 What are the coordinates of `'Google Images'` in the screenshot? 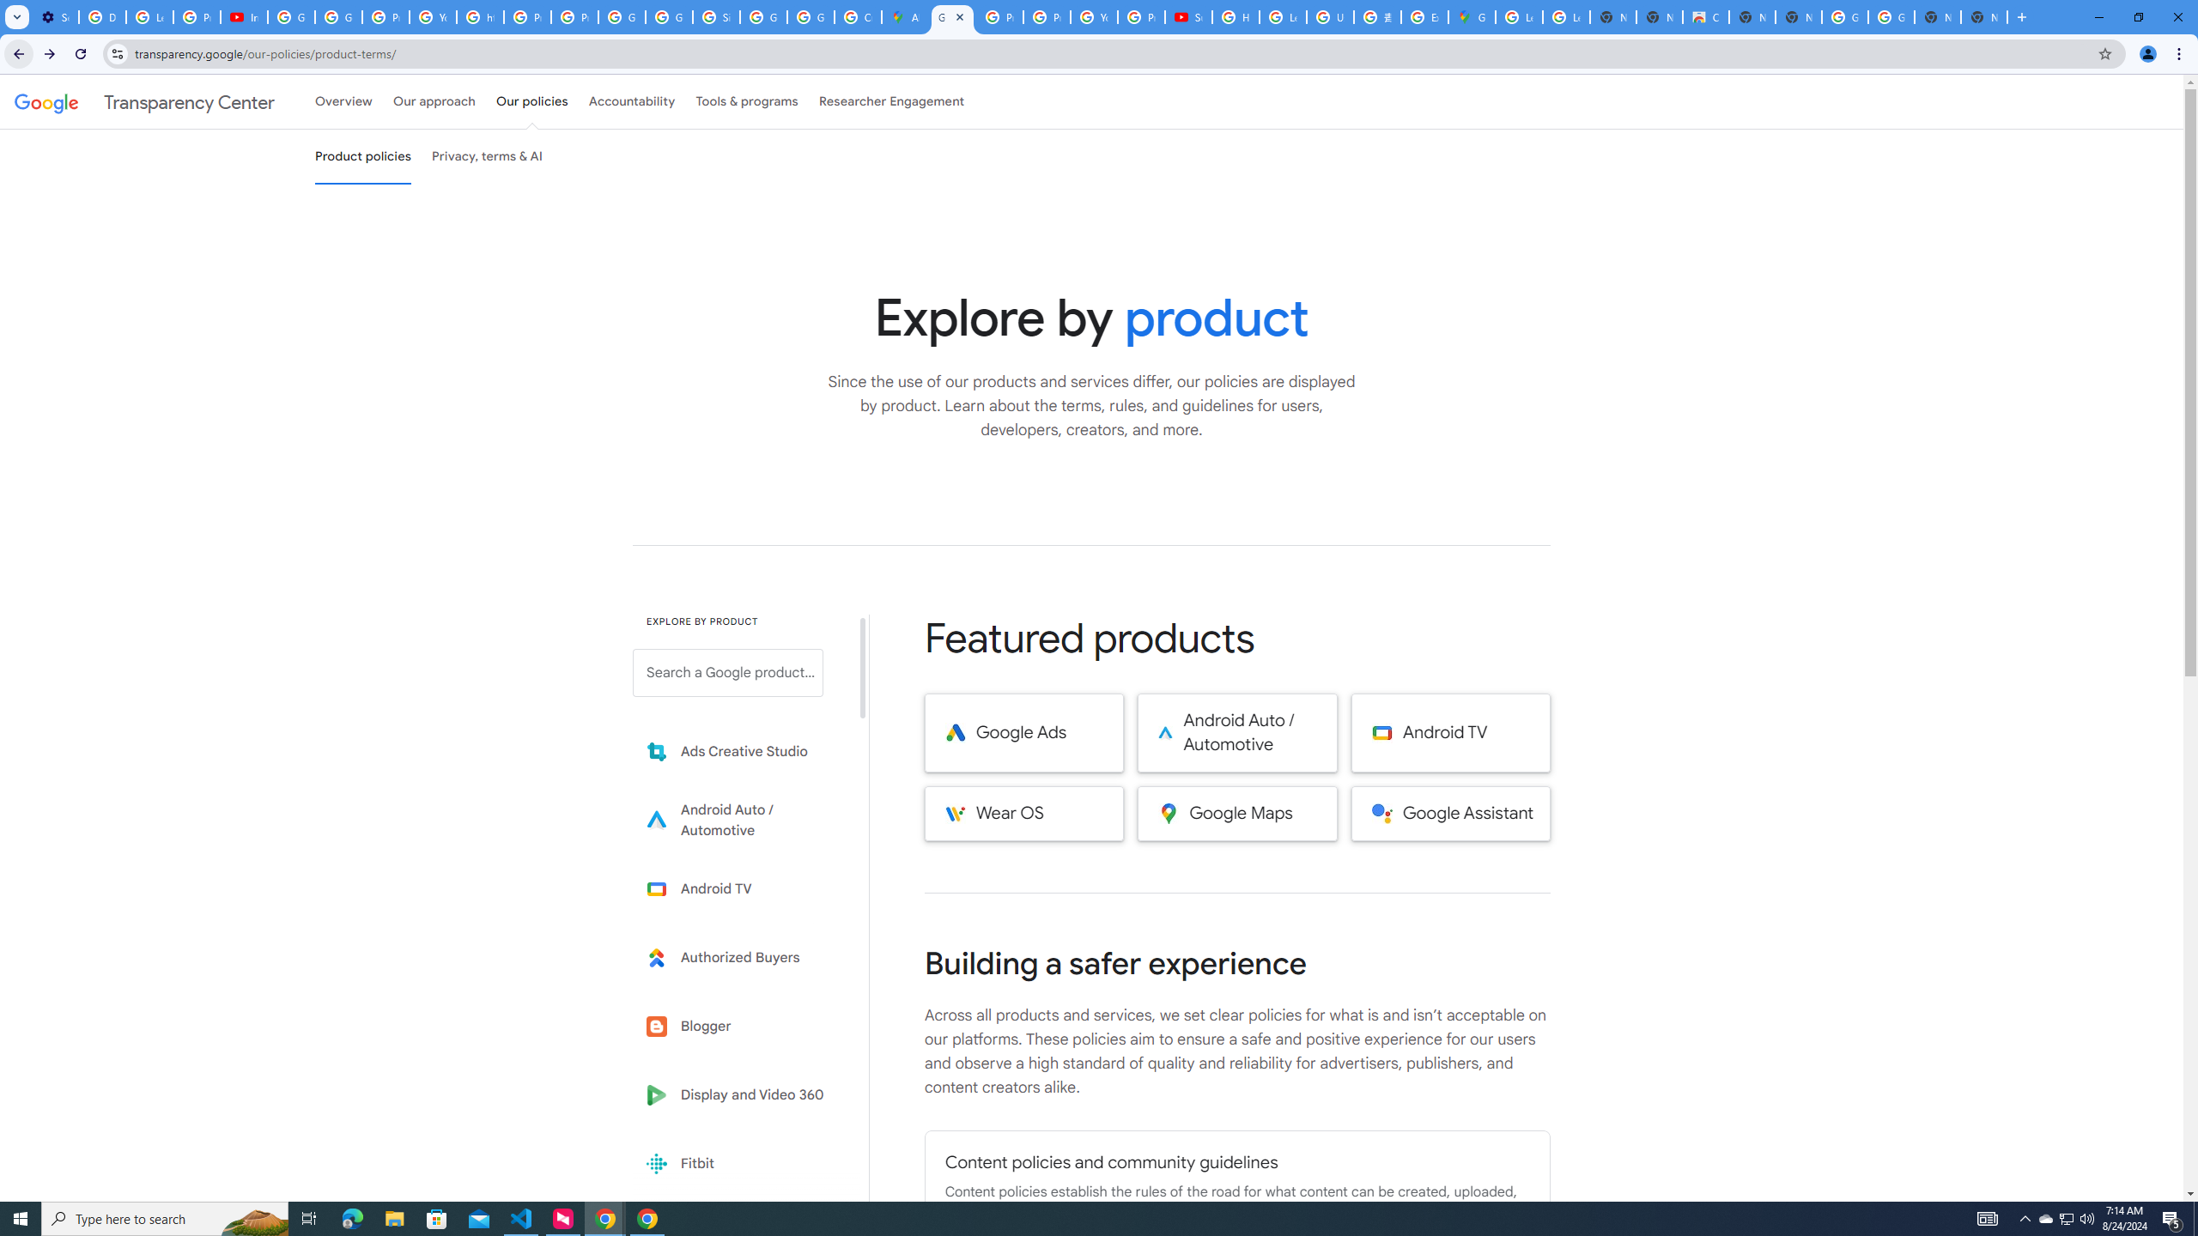 It's located at (1890, 16).